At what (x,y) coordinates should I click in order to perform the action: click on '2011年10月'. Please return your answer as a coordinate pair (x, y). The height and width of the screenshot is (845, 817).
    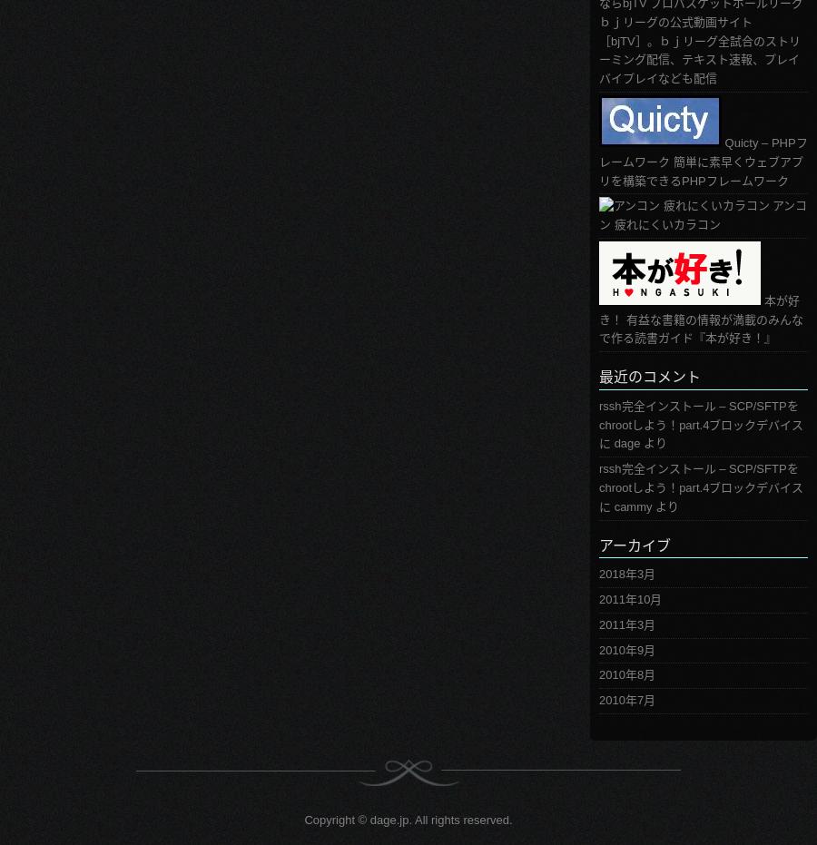
    Looking at the image, I should click on (629, 599).